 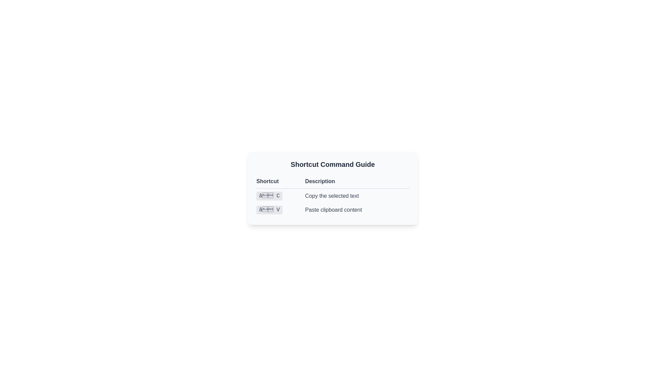 I want to click on the title text that serves as a heading for the content, positioned at the top center of a card-like component, so click(x=332, y=164).